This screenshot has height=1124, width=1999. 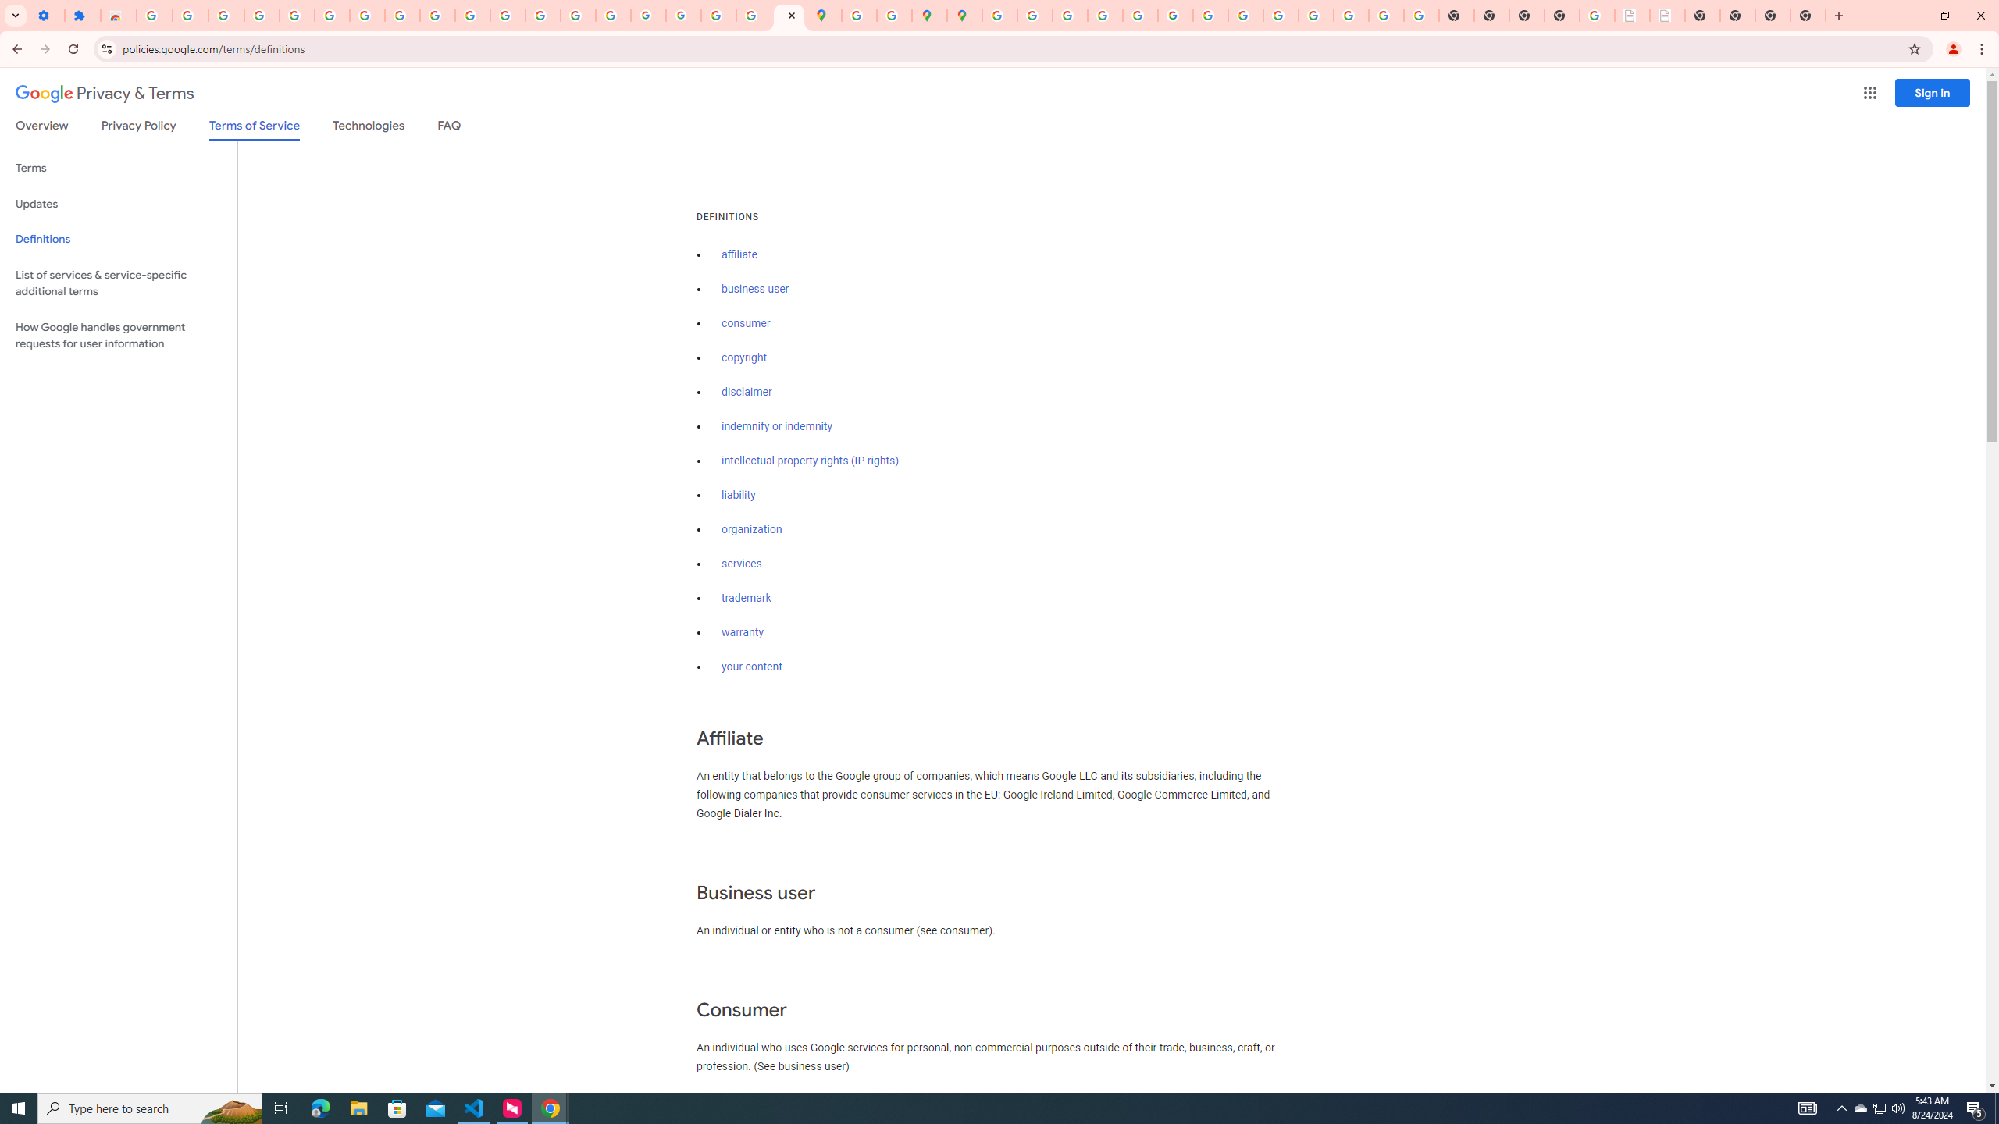 What do you see at coordinates (741, 563) in the screenshot?
I see `'services'` at bounding box center [741, 563].